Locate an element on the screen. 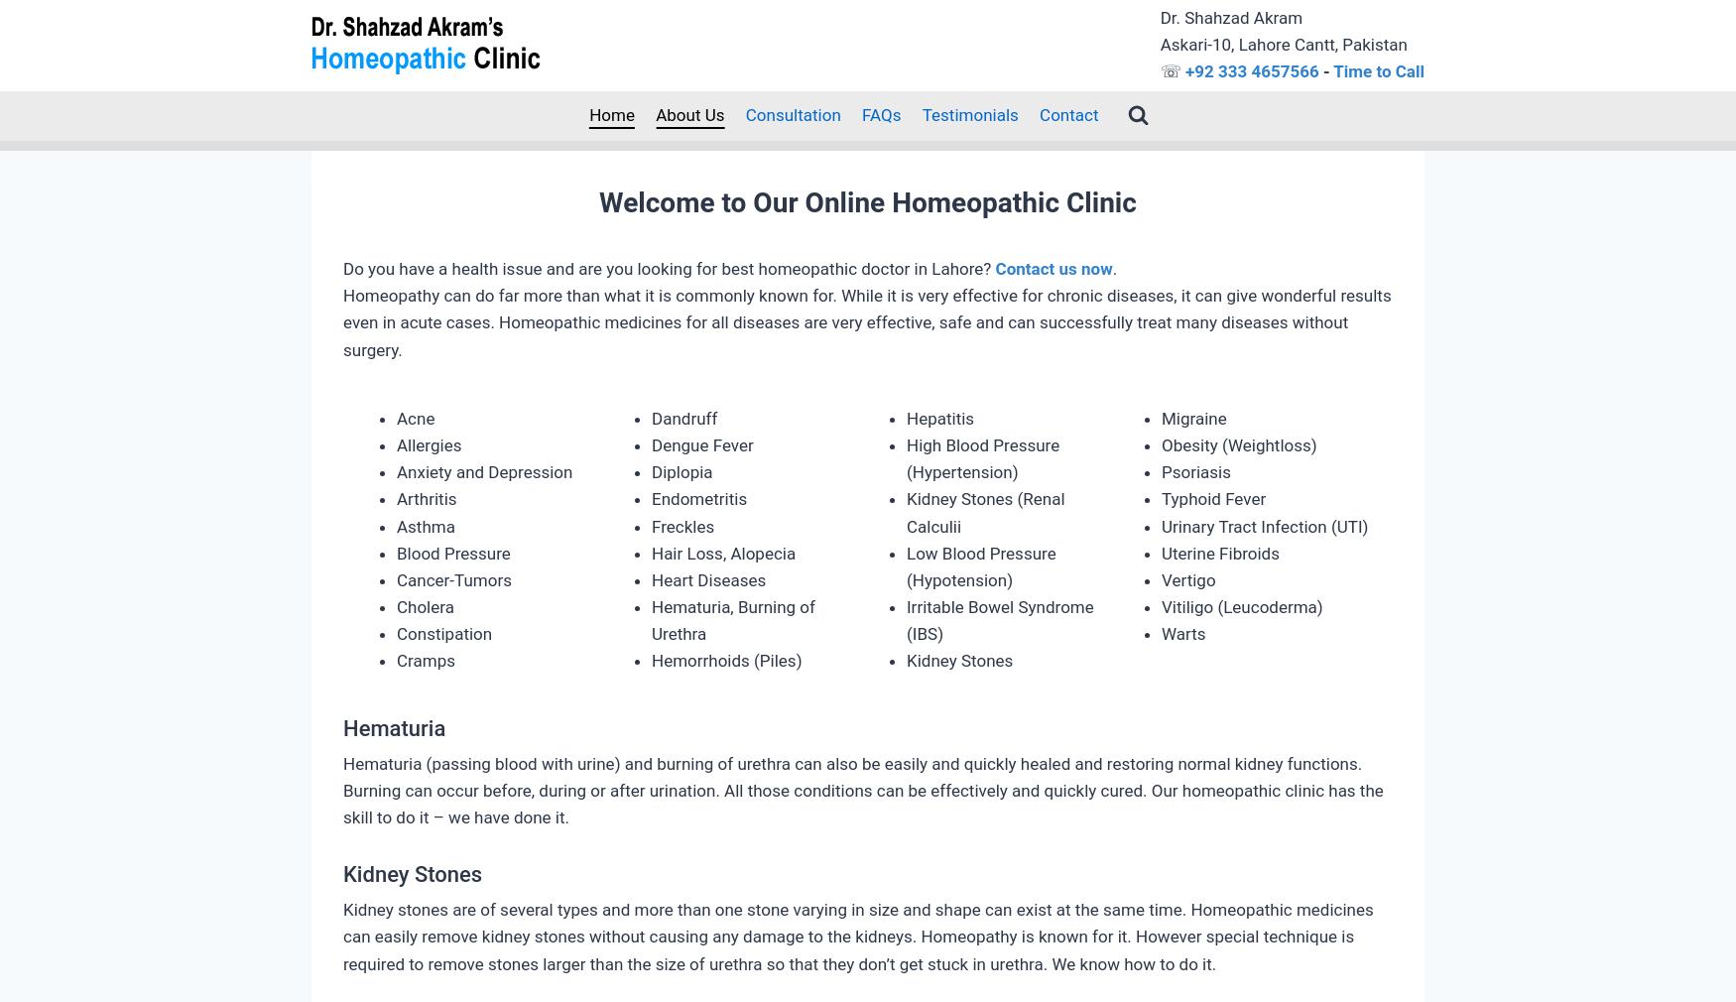 The height and width of the screenshot is (1002, 1736). 'Testimonials' is located at coordinates (969, 113).